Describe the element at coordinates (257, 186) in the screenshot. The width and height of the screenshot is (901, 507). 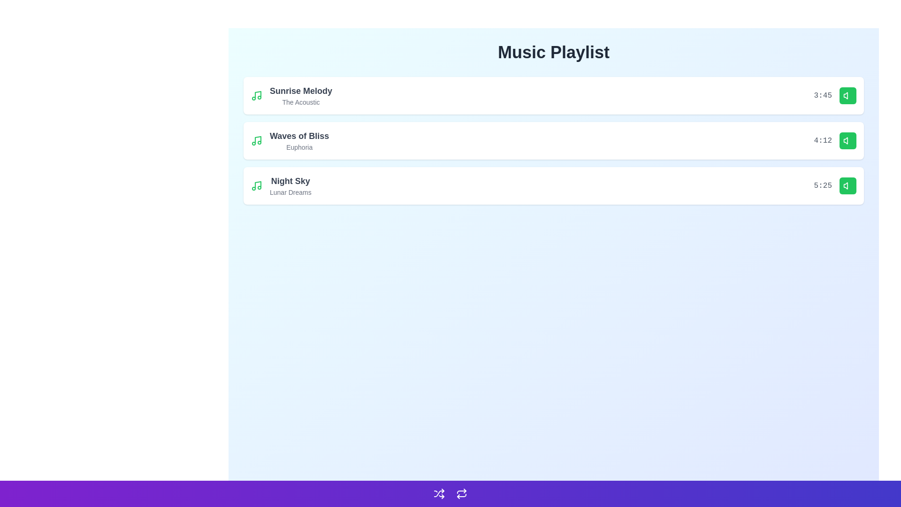
I see `the music track icon for the 'Night Sky' playlist item, which is located on the left side of the item box` at that location.